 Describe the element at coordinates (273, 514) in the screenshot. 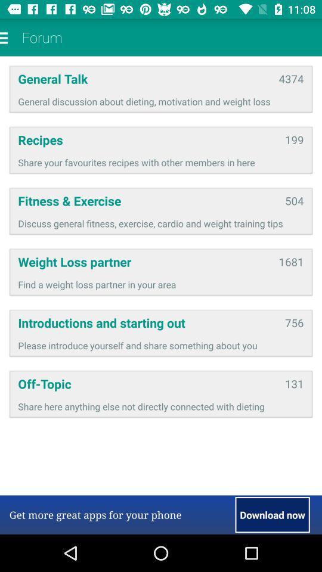

I see `the item next to the get more great item` at that location.